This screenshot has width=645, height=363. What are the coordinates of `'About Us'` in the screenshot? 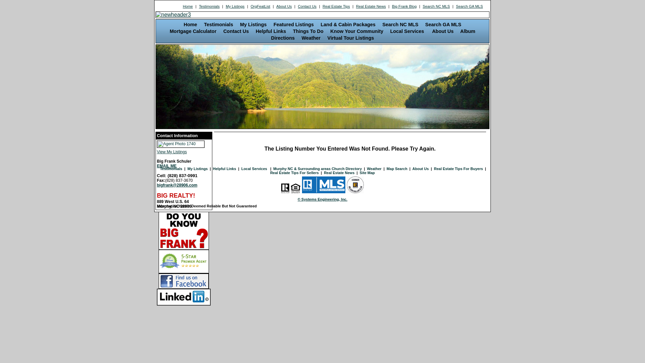 It's located at (420, 168).